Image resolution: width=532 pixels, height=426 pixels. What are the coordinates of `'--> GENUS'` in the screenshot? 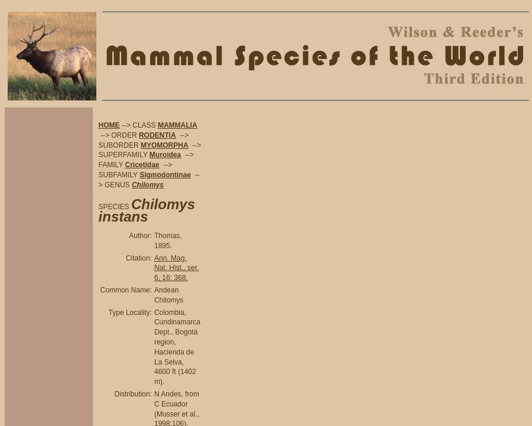 It's located at (148, 178).